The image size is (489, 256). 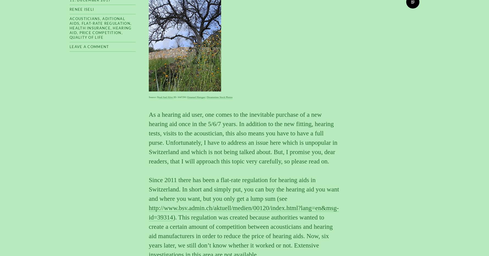 I want to click on 'Leave a comment', so click(x=89, y=46).